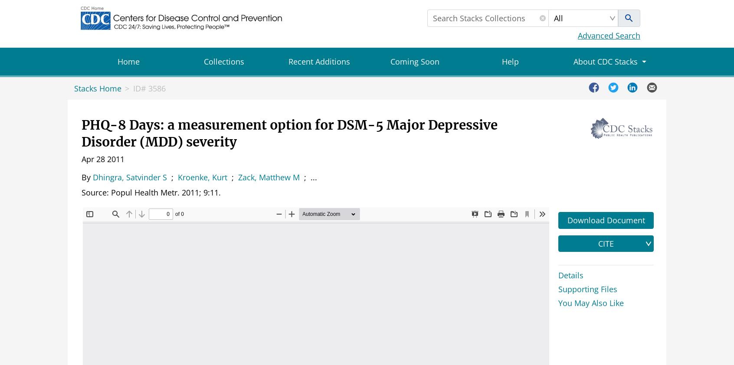 The height and width of the screenshot is (365, 734). Describe the element at coordinates (166, 192) in the screenshot. I see `'Popul Health Metr. 2011; 9:11.'` at that location.